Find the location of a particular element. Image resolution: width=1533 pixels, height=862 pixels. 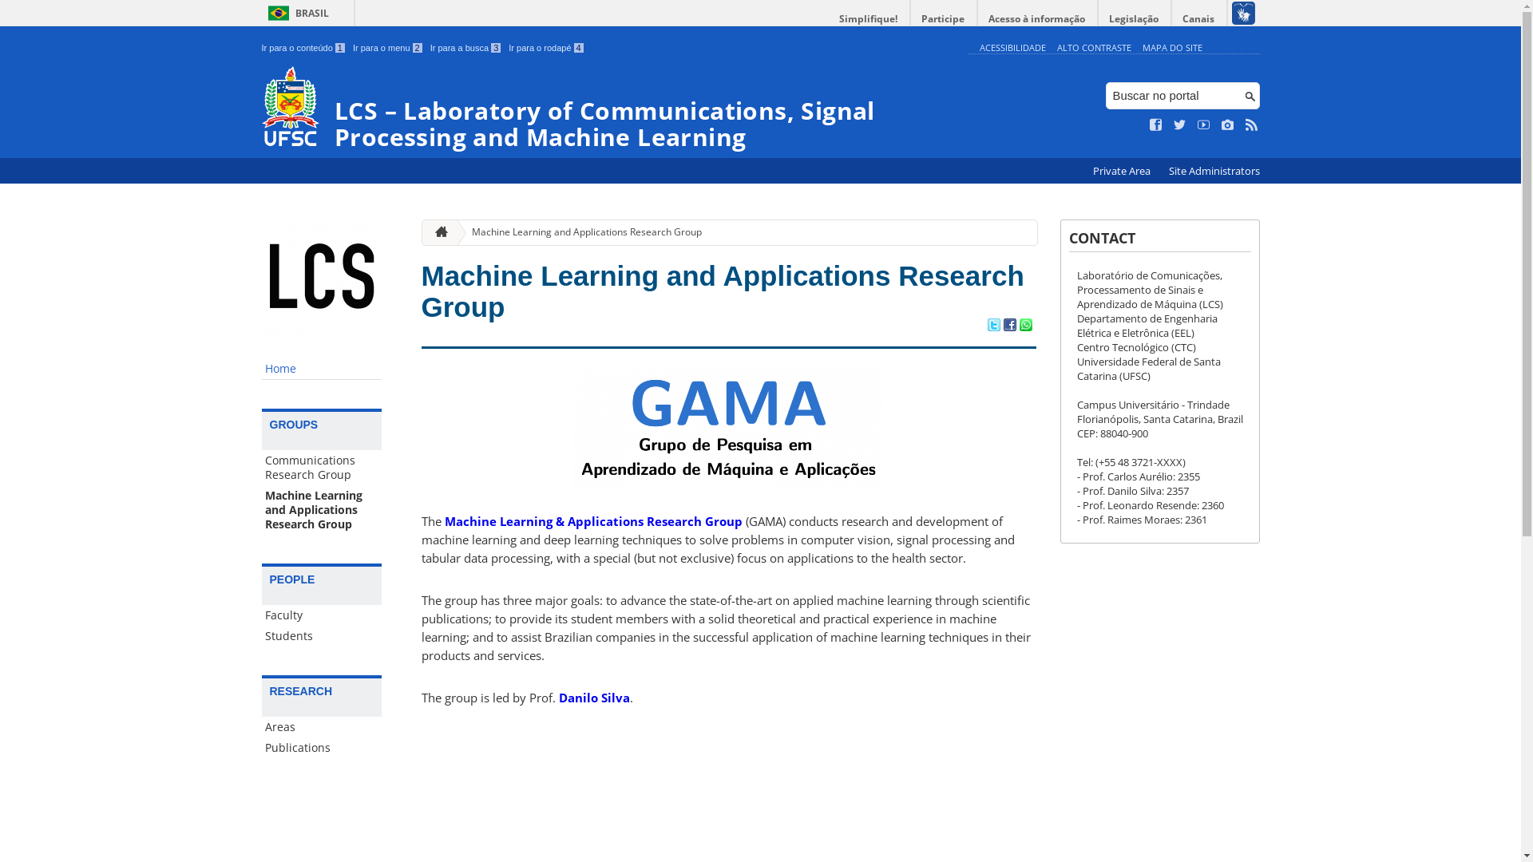

'Simplifique!' is located at coordinates (868, 18).